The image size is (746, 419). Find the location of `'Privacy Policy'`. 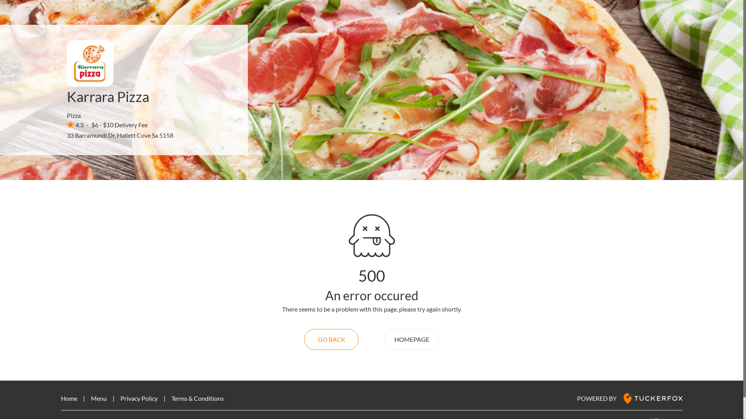

'Privacy Policy' is located at coordinates (139, 398).